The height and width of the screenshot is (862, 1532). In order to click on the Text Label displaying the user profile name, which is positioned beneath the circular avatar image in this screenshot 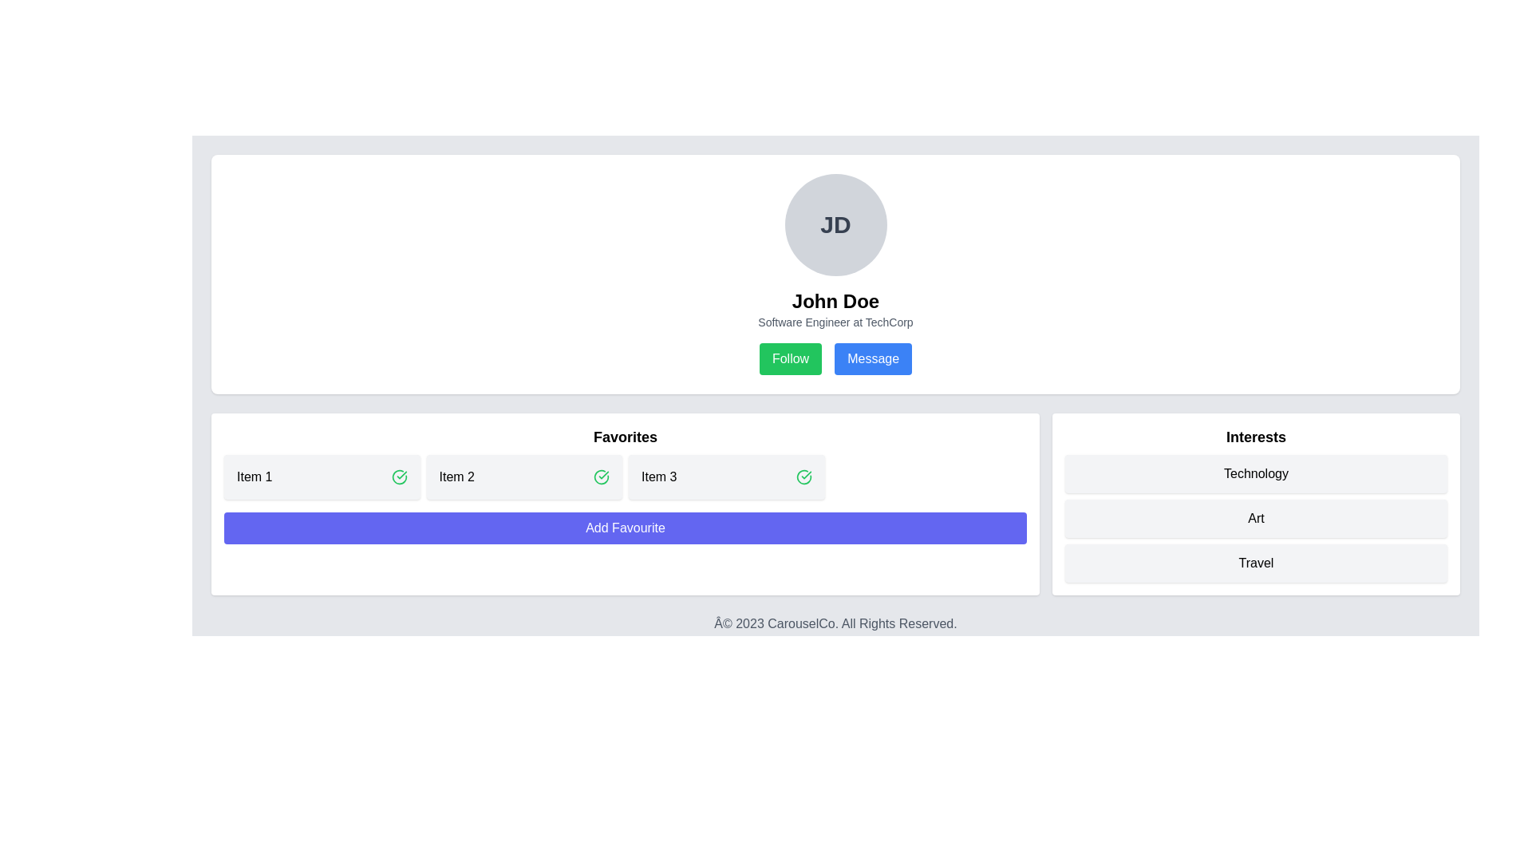, I will do `click(835, 302)`.